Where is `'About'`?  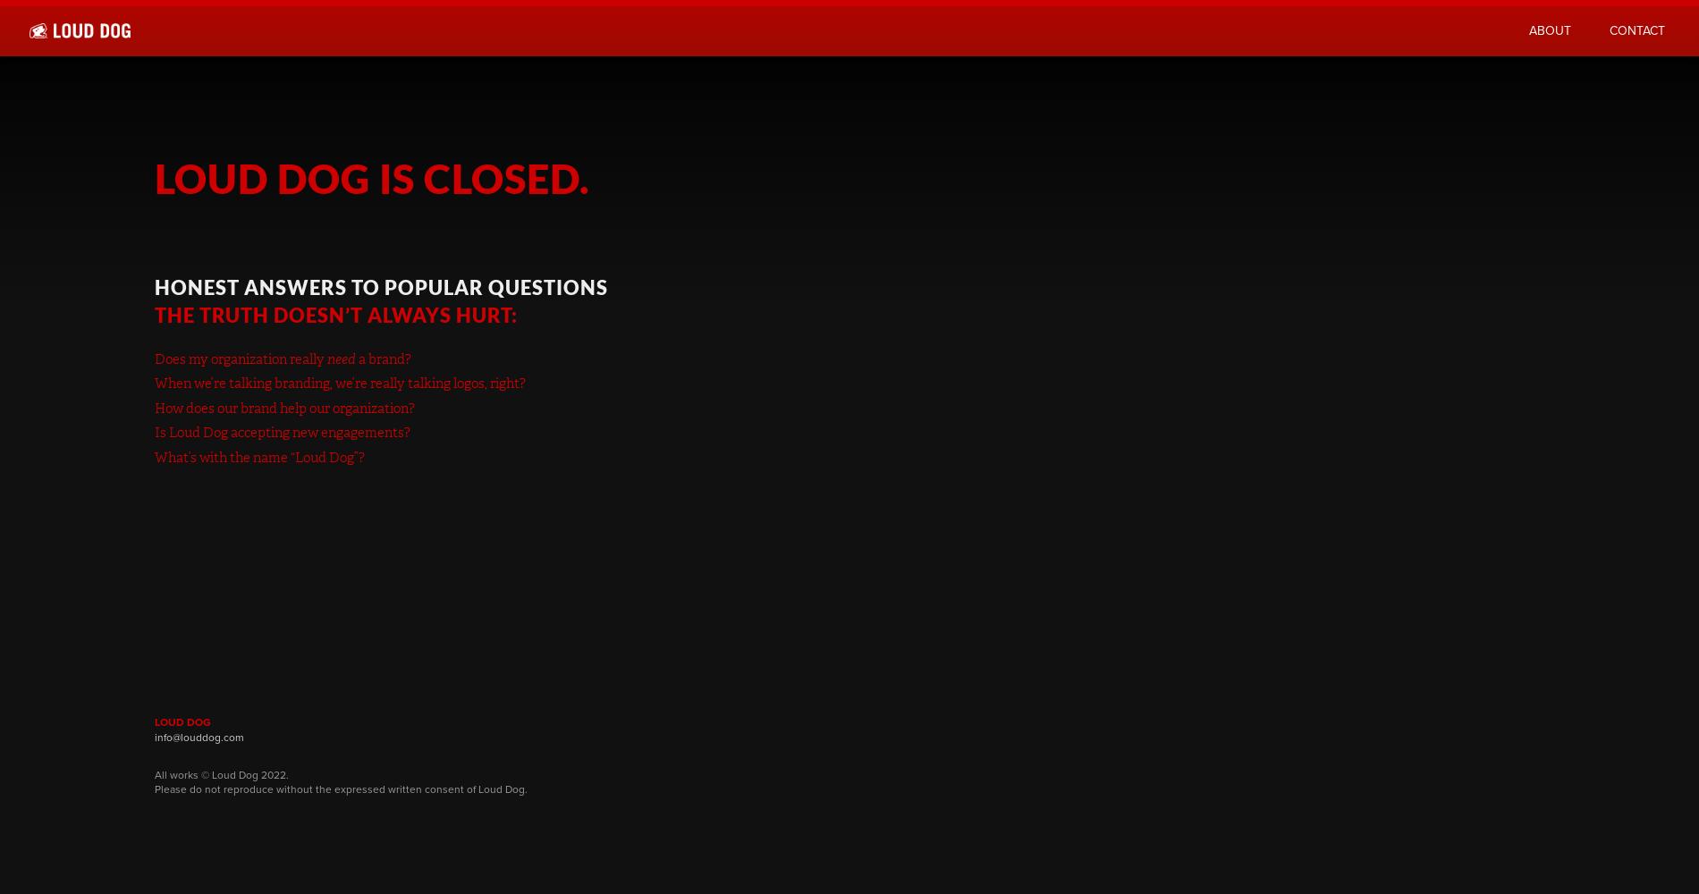 'About' is located at coordinates (1528, 30).